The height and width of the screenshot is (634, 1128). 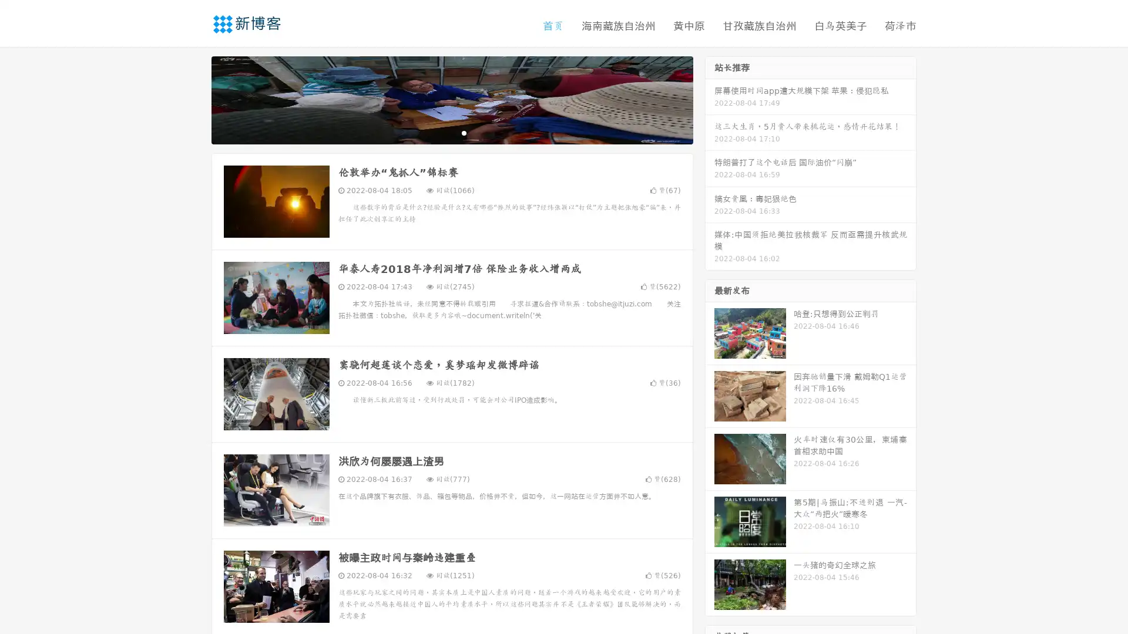 What do you see at coordinates (464, 132) in the screenshot?
I see `Go to slide 3` at bounding box center [464, 132].